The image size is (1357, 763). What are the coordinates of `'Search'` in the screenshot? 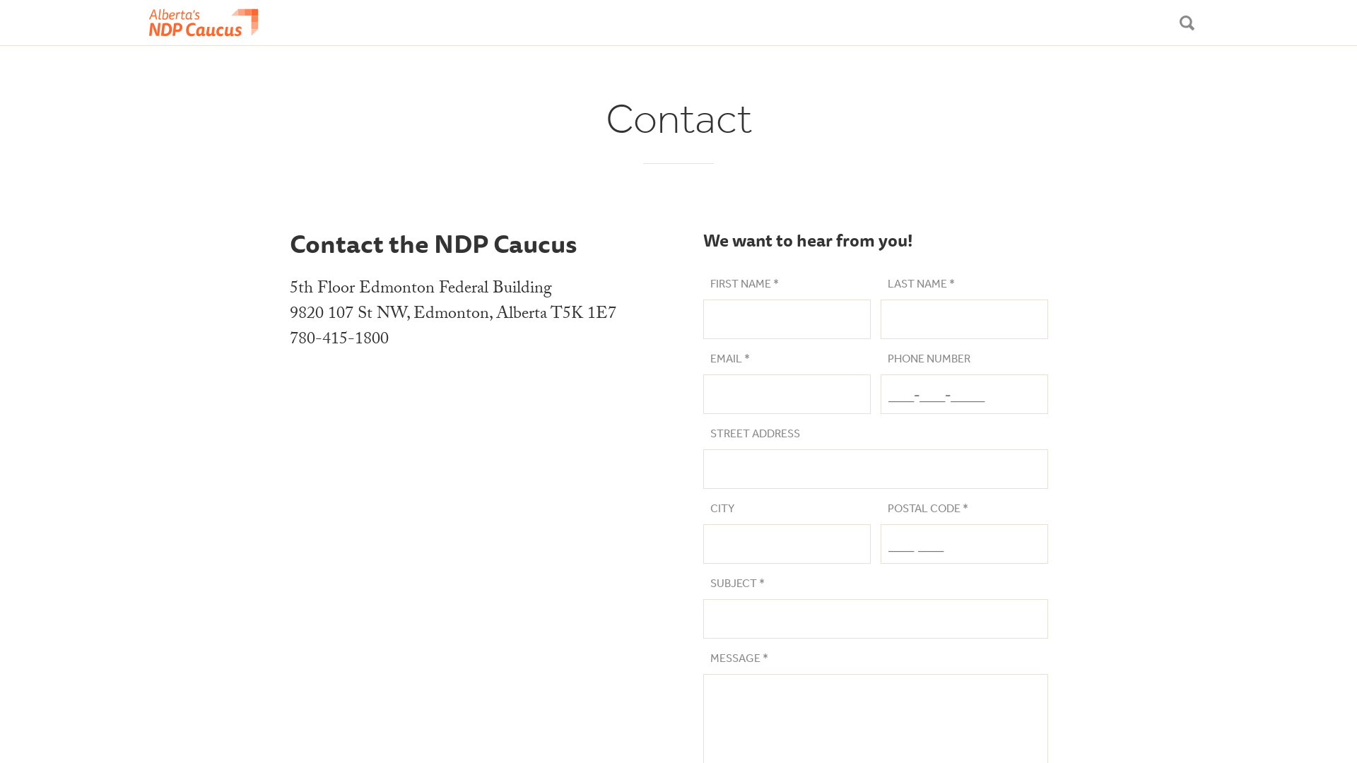 It's located at (1187, 22).